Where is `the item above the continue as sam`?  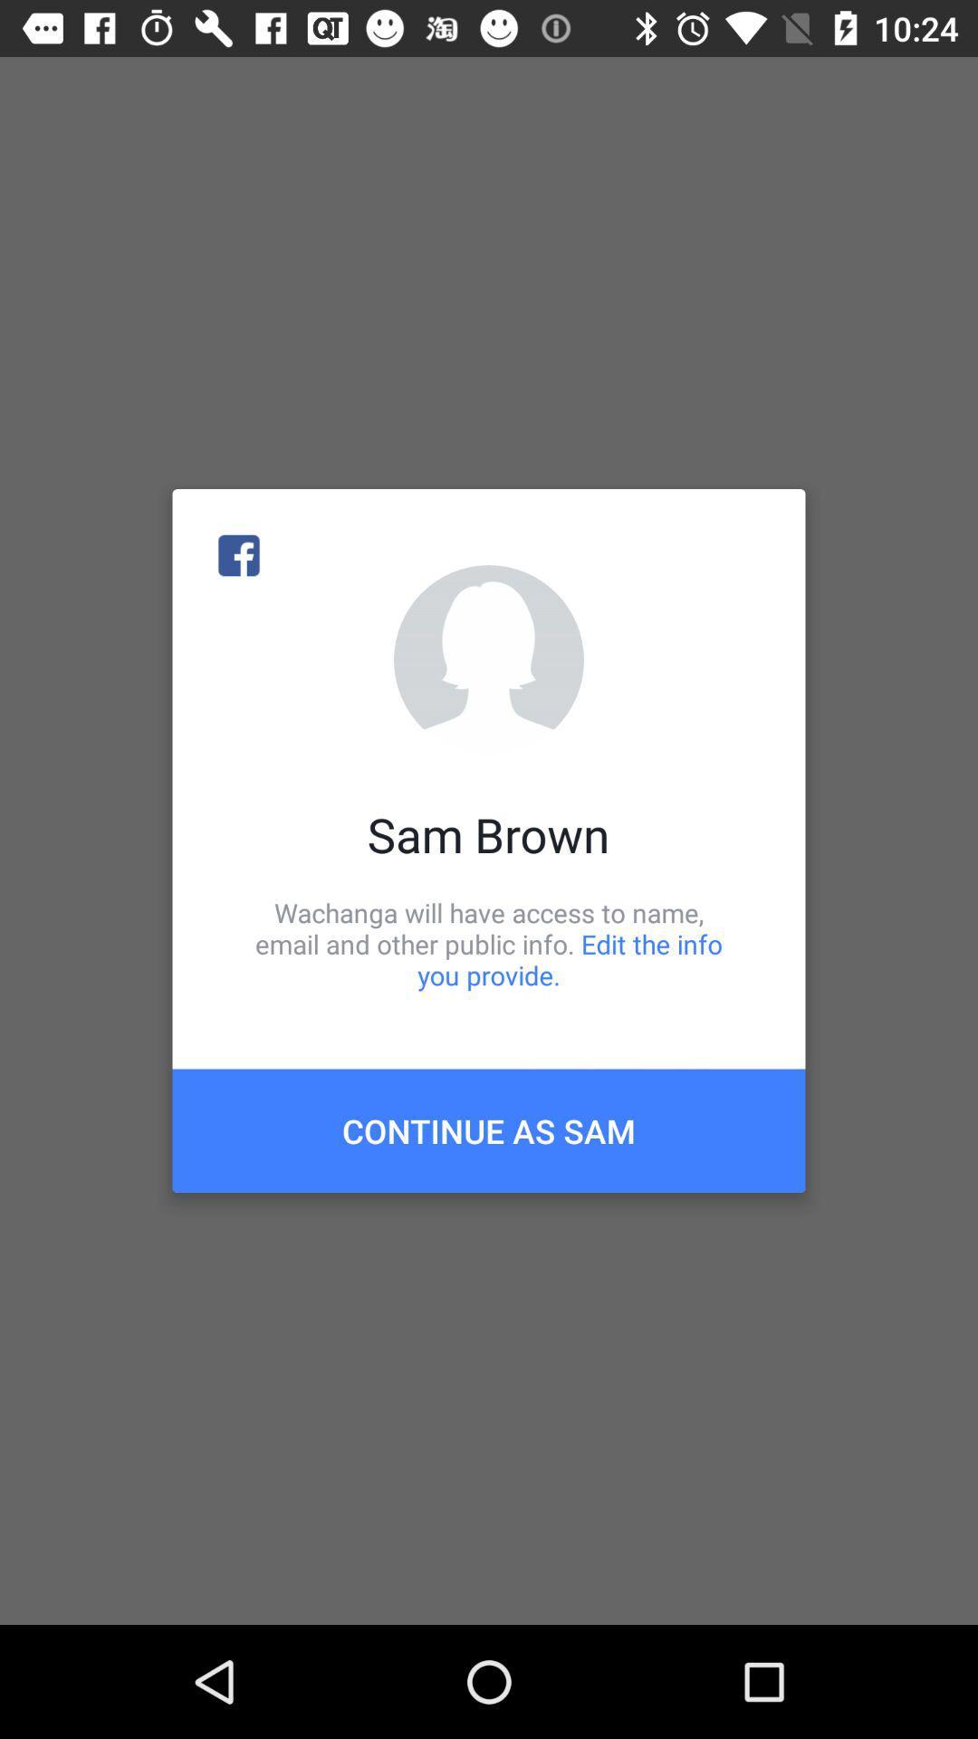
the item above the continue as sam is located at coordinates (489, 943).